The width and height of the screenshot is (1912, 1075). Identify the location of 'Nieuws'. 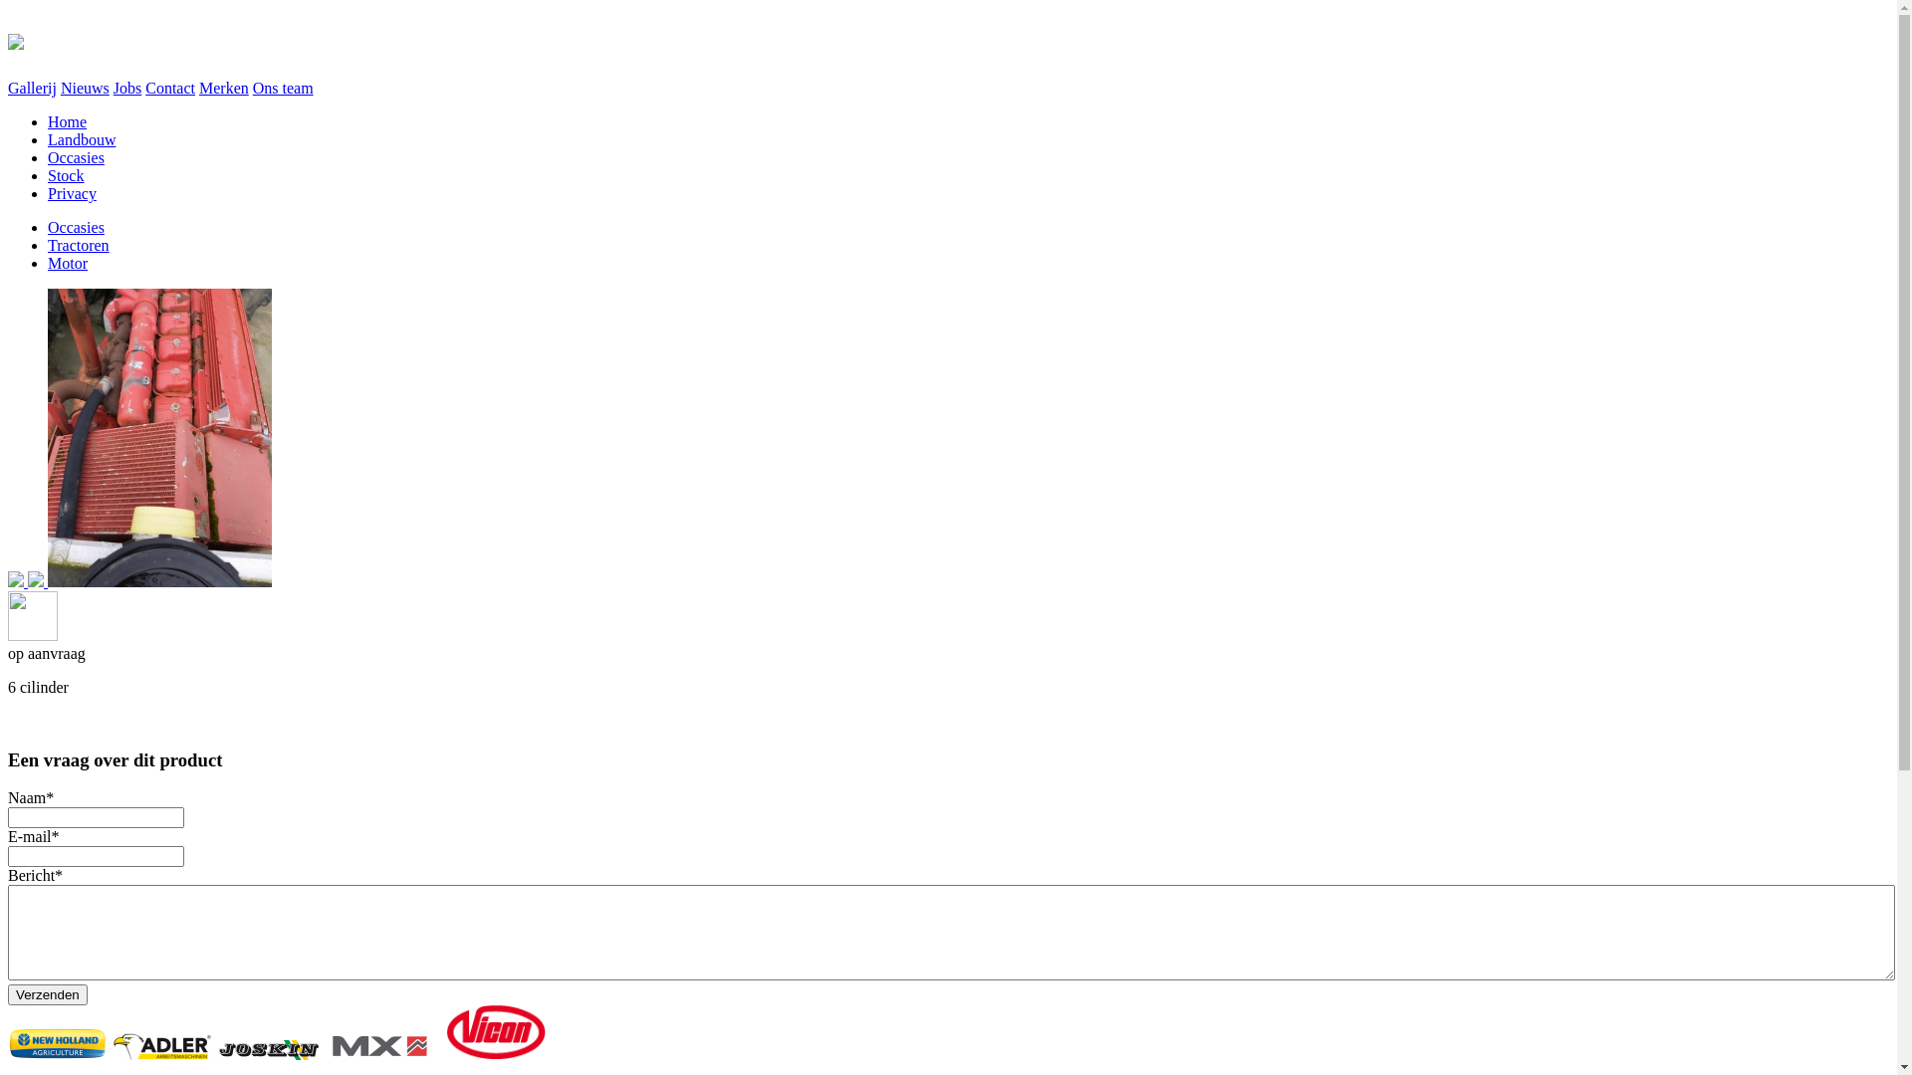
(84, 87).